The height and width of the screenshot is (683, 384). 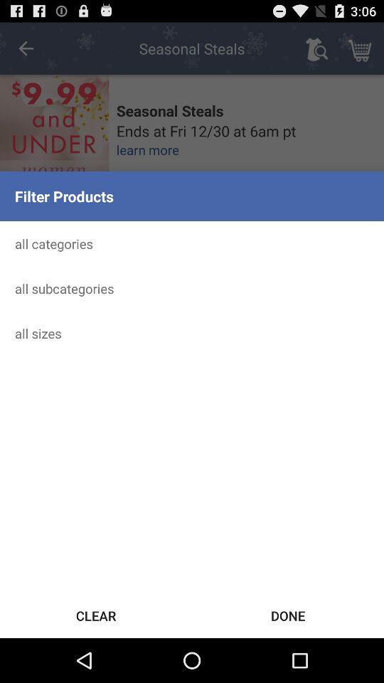 I want to click on the done at the bottom right corner, so click(x=288, y=615).